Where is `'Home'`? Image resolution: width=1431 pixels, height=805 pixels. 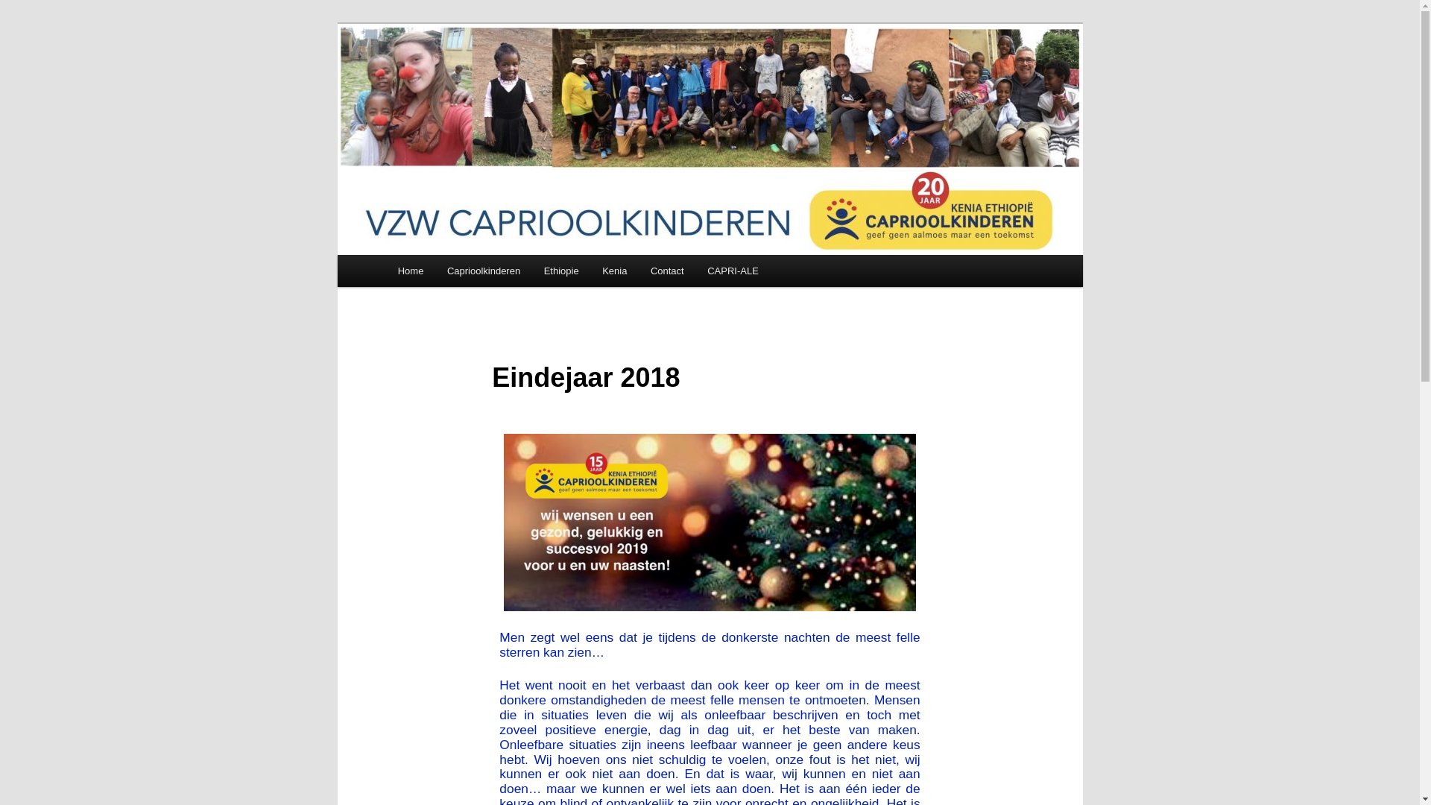 'Home' is located at coordinates (386, 271).